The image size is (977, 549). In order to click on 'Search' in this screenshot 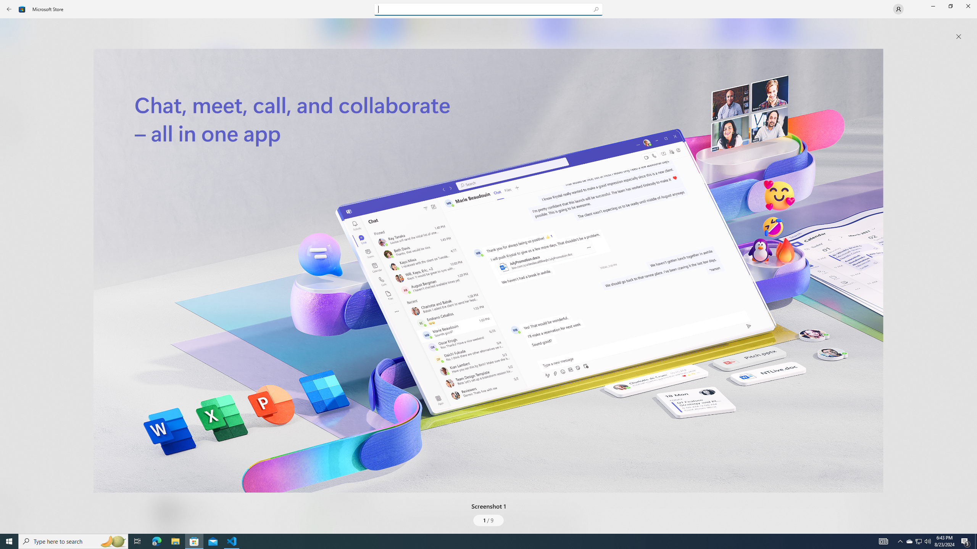, I will do `click(488, 9)`.